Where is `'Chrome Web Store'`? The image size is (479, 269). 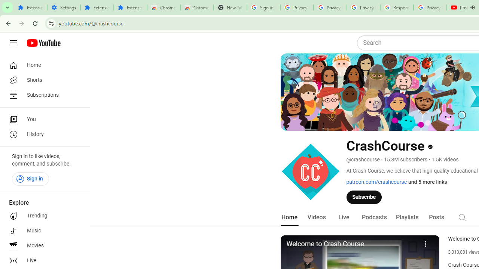
'Chrome Web Store' is located at coordinates (163, 7).